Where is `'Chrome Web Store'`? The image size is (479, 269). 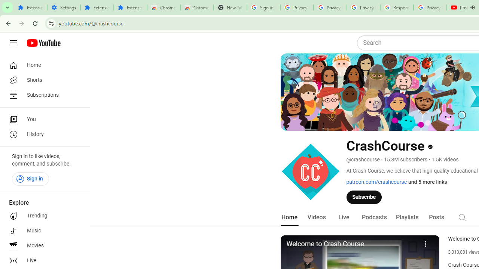
'Chrome Web Store' is located at coordinates (163, 7).